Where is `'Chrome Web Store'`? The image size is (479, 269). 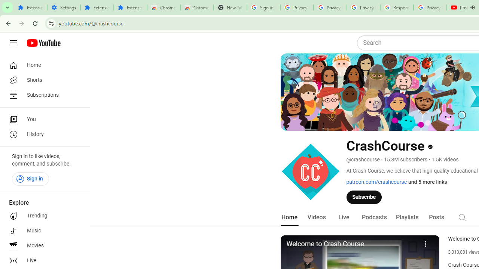
'Chrome Web Store' is located at coordinates (163, 7).